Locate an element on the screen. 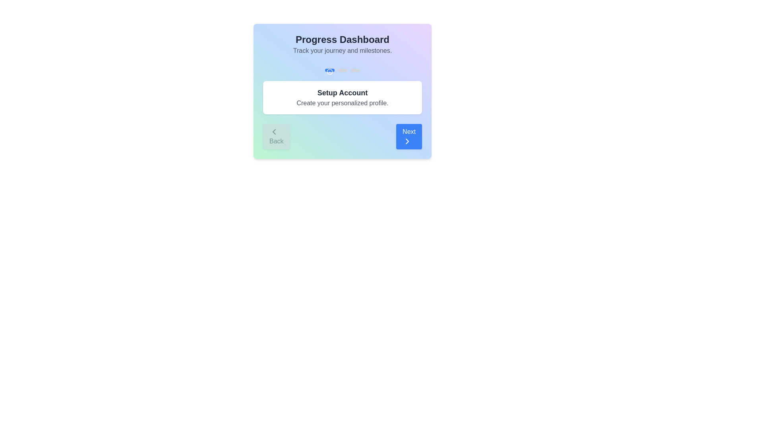  the 'Next' button to navigate to the next step is located at coordinates (409, 136).